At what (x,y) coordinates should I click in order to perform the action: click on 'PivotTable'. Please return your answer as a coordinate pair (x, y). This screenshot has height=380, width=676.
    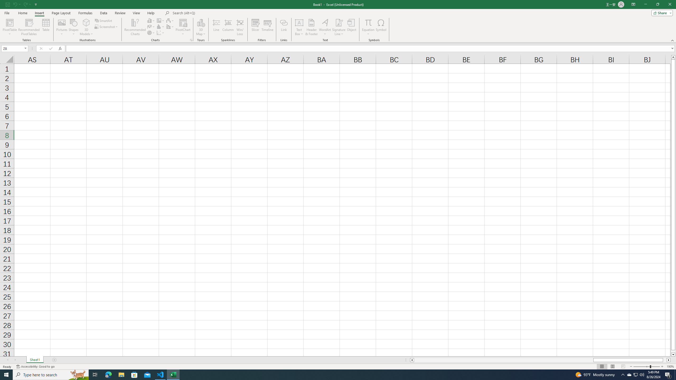
    Looking at the image, I should click on (10, 27).